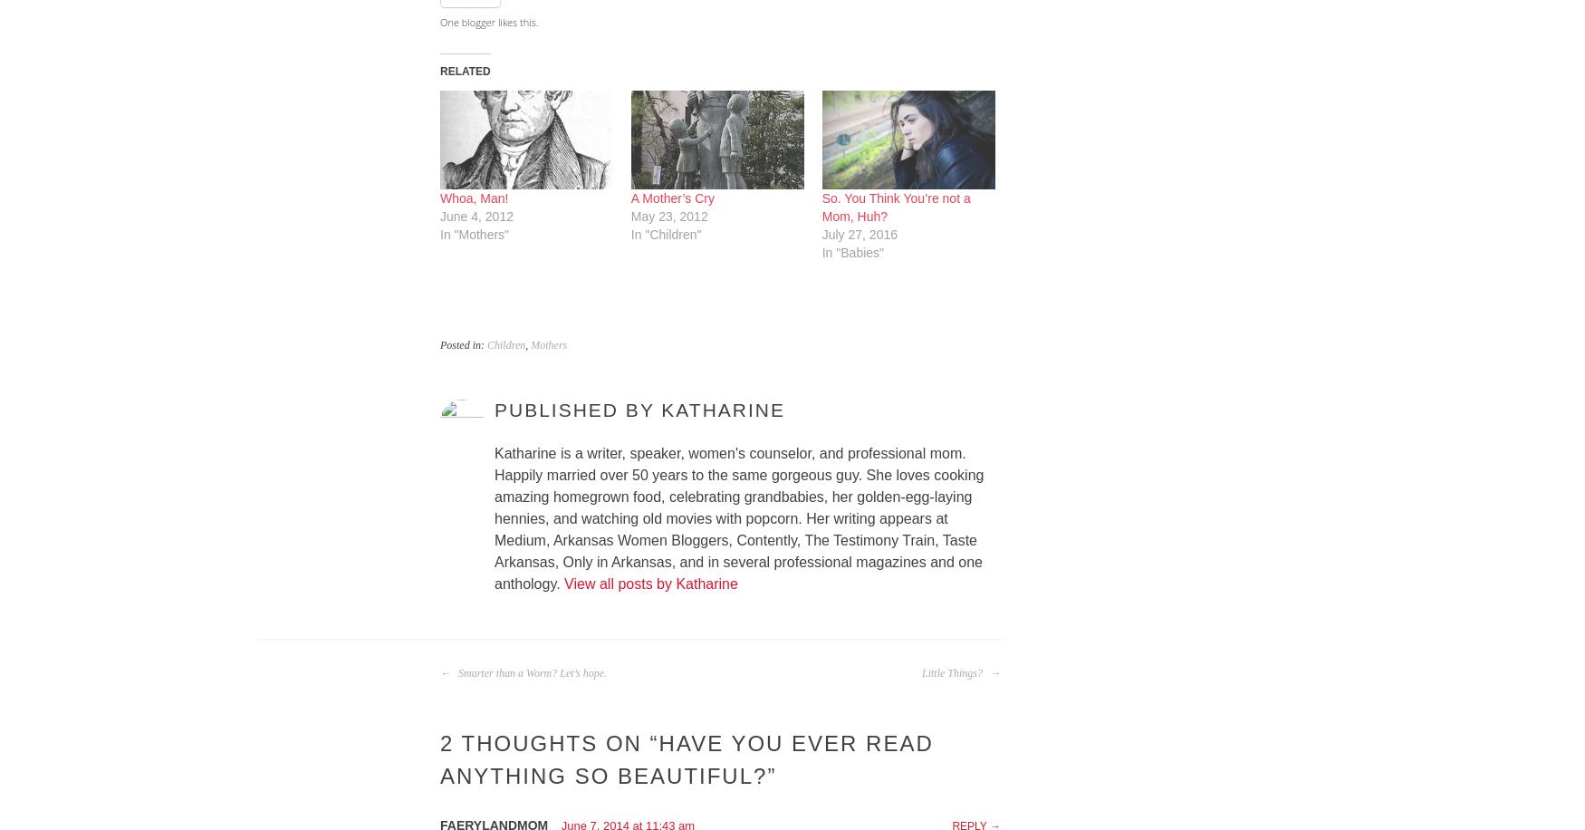  I want to click on 'Mothers', so click(531, 344).